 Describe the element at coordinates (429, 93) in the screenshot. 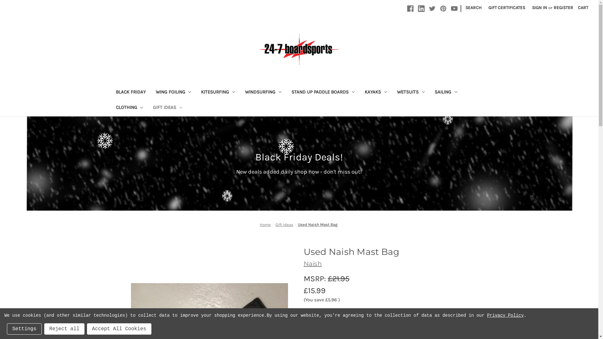

I see `'SAILING'` at that location.